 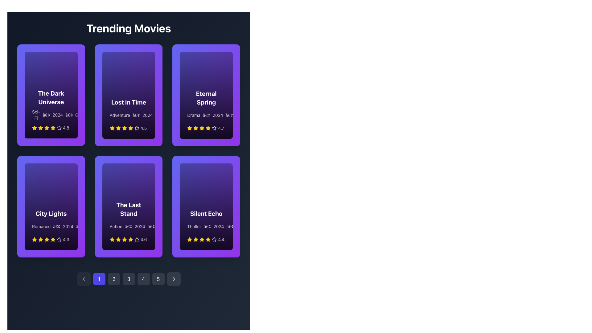 What do you see at coordinates (112, 239) in the screenshot?
I see `the first star icon in the rating indicator for the movie 'The Last Stand', which contributes to the 4.6 out of 5 rating` at bounding box center [112, 239].